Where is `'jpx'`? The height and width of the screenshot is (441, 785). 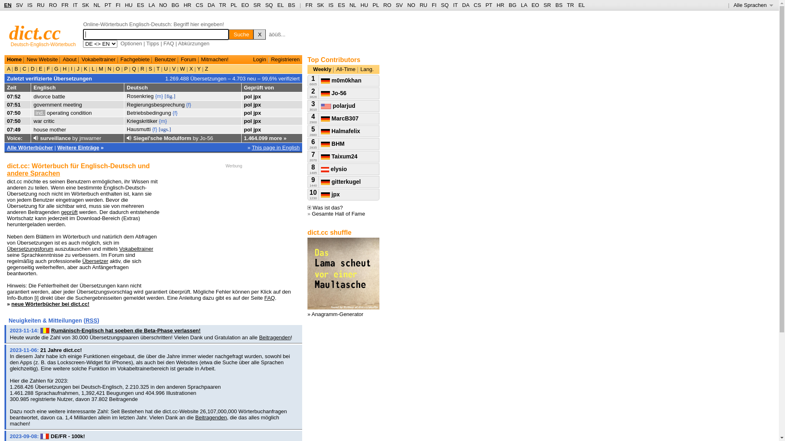 'jpx' is located at coordinates (257, 104).